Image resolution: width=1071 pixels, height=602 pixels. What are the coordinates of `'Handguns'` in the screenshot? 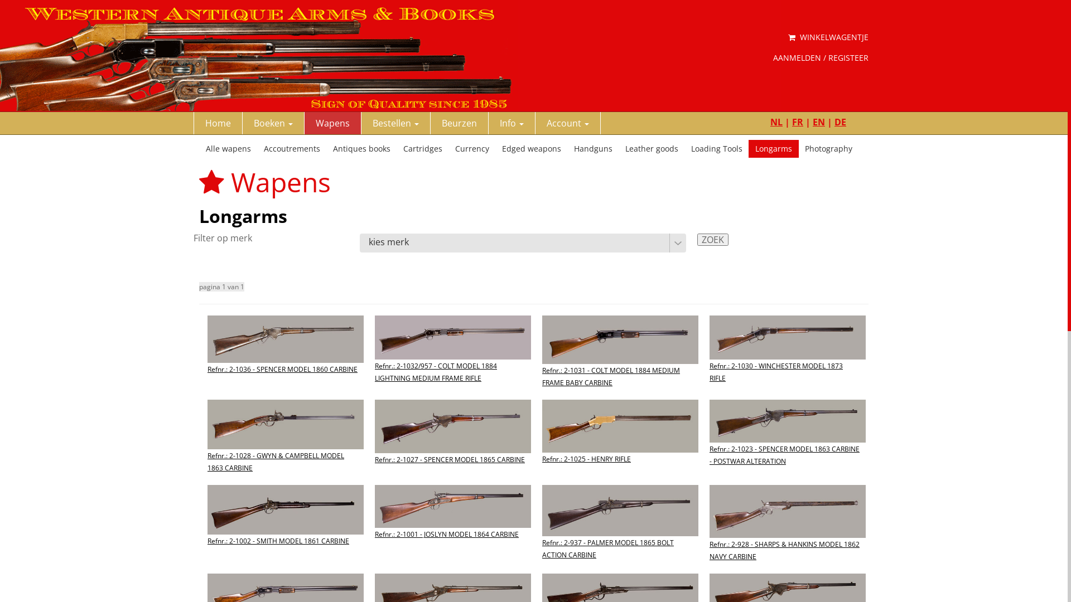 It's located at (592, 148).